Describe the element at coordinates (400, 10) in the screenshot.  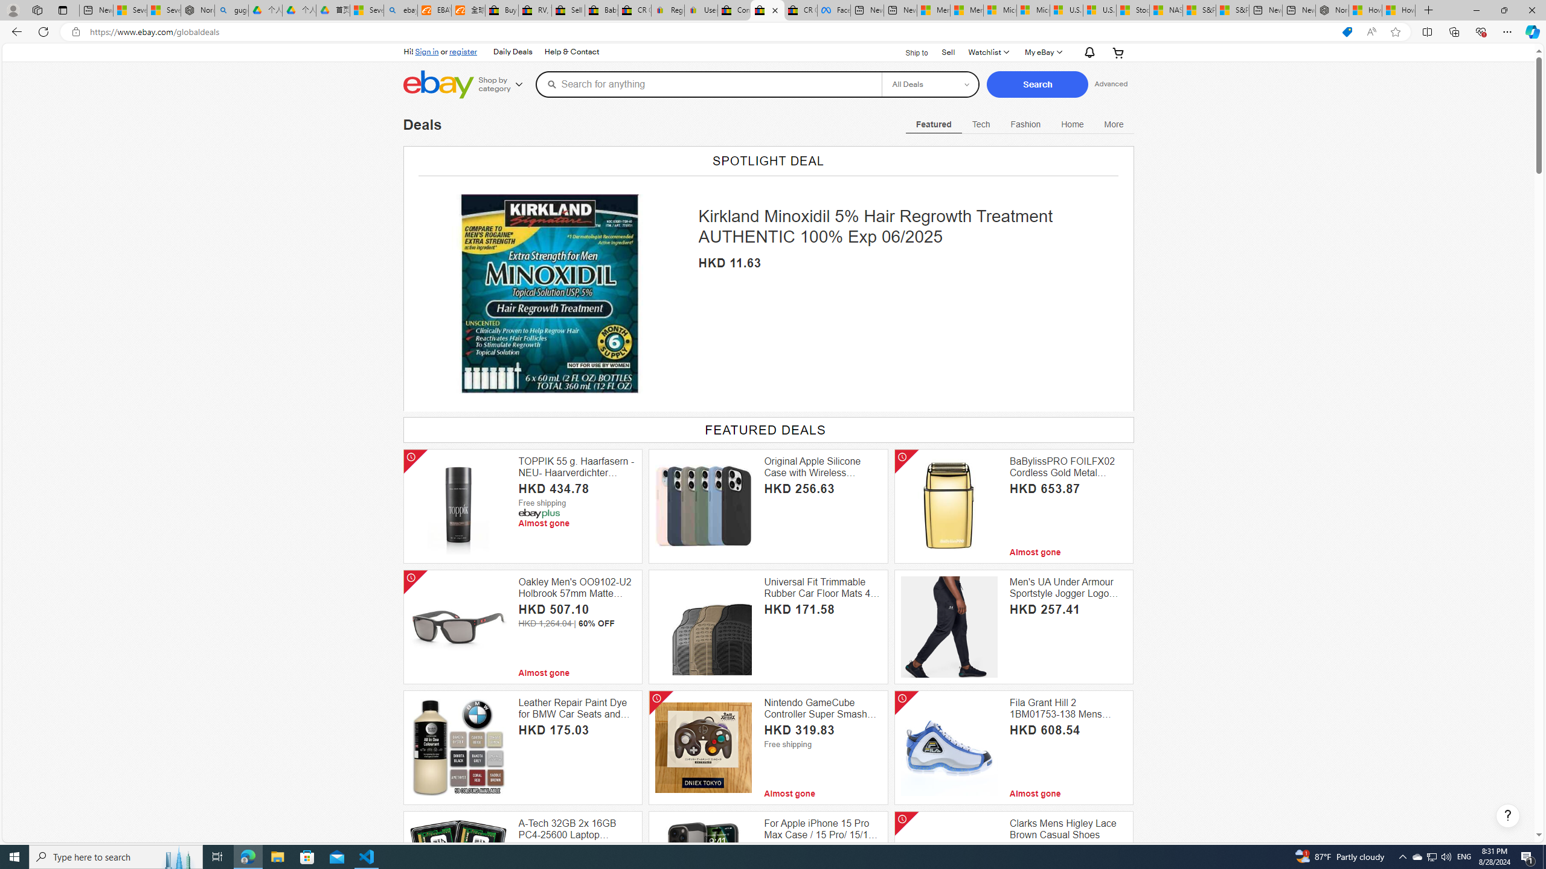
I see `'ebay - Search'` at that location.